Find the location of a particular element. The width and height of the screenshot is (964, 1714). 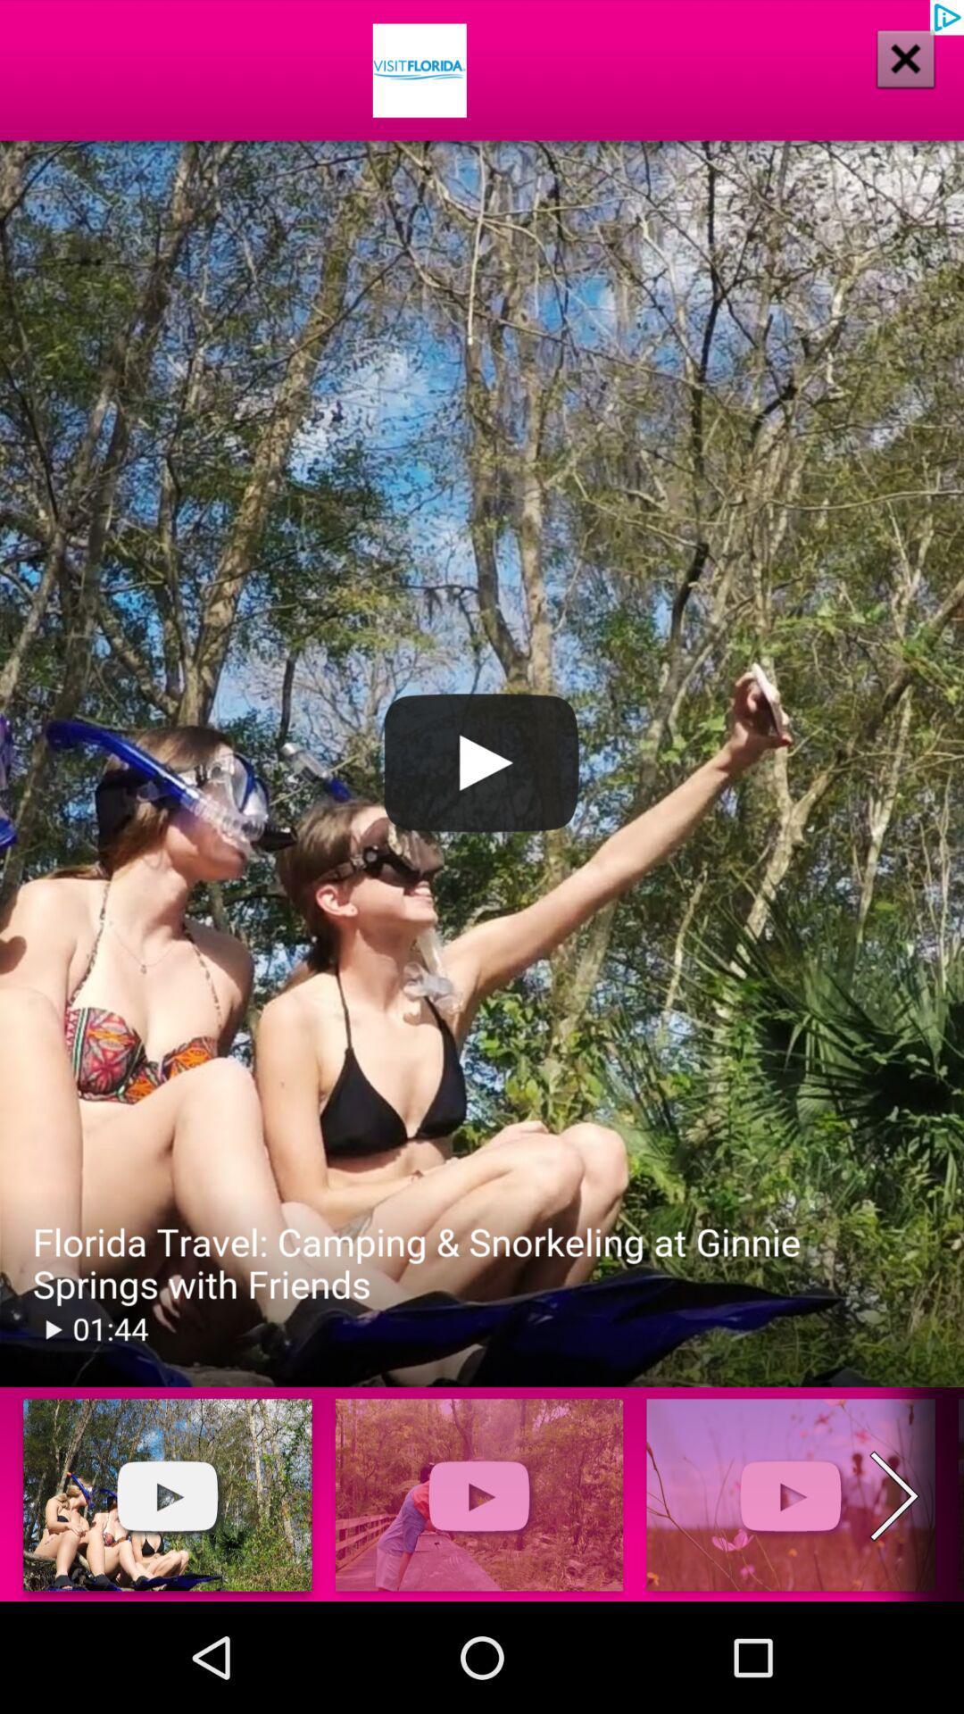

the close icon is located at coordinates (905, 62).